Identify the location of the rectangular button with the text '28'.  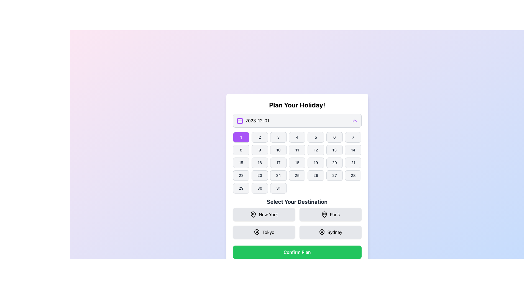
(353, 175).